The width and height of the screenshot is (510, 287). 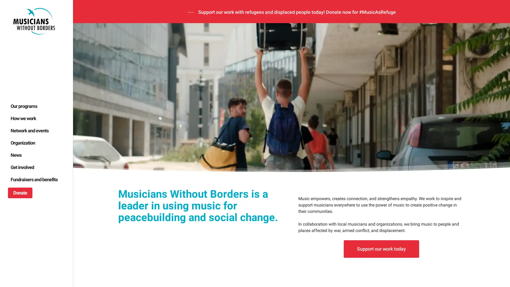 What do you see at coordinates (480, 210) in the screenshot?
I see `enter full screen` at bounding box center [480, 210].